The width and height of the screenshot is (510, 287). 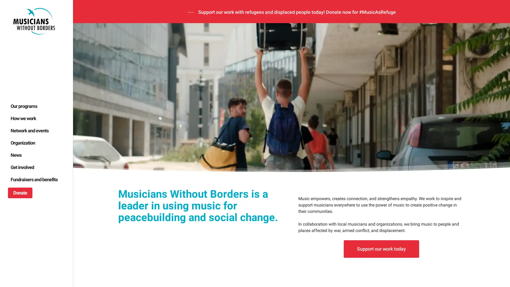 What do you see at coordinates (480, 210) in the screenshot?
I see `enter full screen` at bounding box center [480, 210].